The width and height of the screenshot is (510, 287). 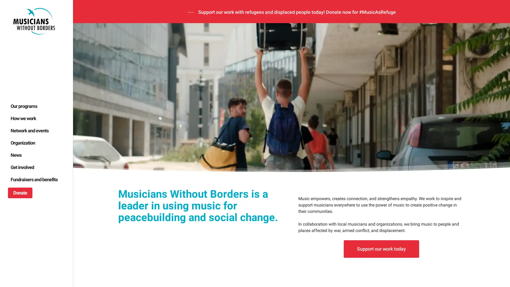 What do you see at coordinates (480, 210) in the screenshot?
I see `enter full screen` at bounding box center [480, 210].